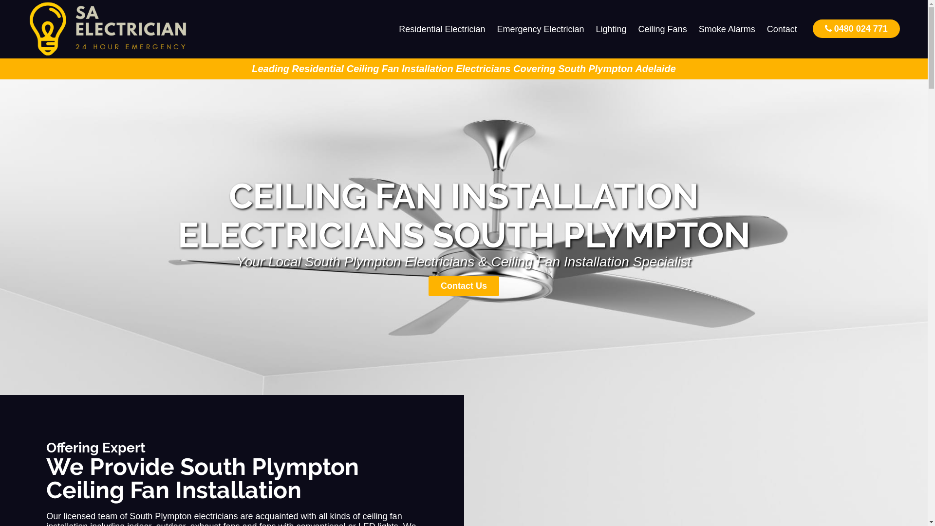 The height and width of the screenshot is (526, 935). Describe the element at coordinates (782, 29) in the screenshot. I see `'Contact'` at that location.